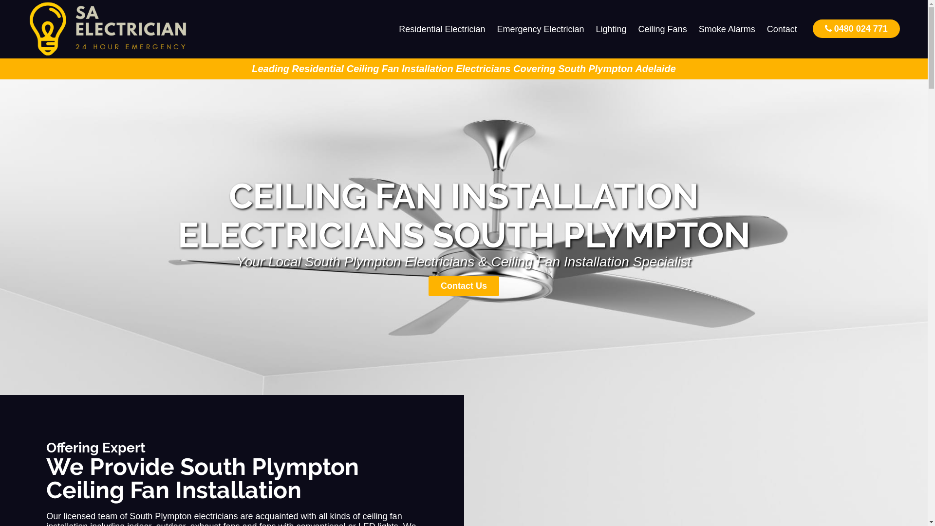 The height and width of the screenshot is (526, 935). Describe the element at coordinates (782, 29) in the screenshot. I see `'Contact'` at that location.